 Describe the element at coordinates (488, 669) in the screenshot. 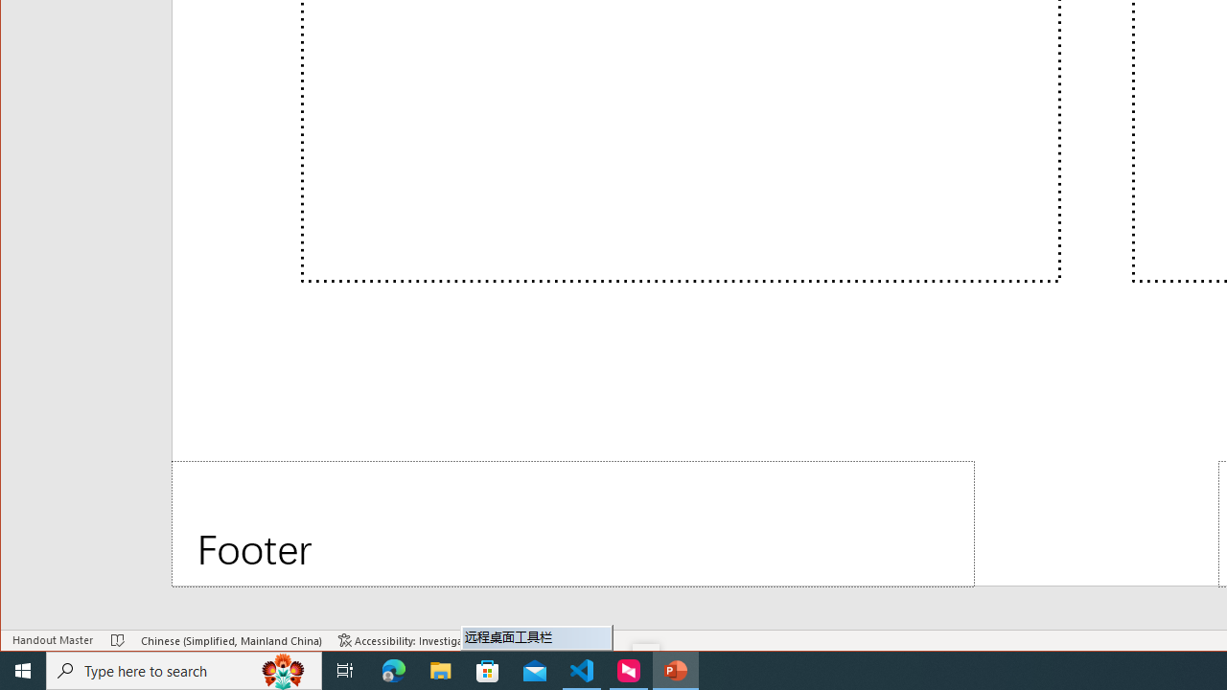

I see `'Microsoft Store'` at that location.